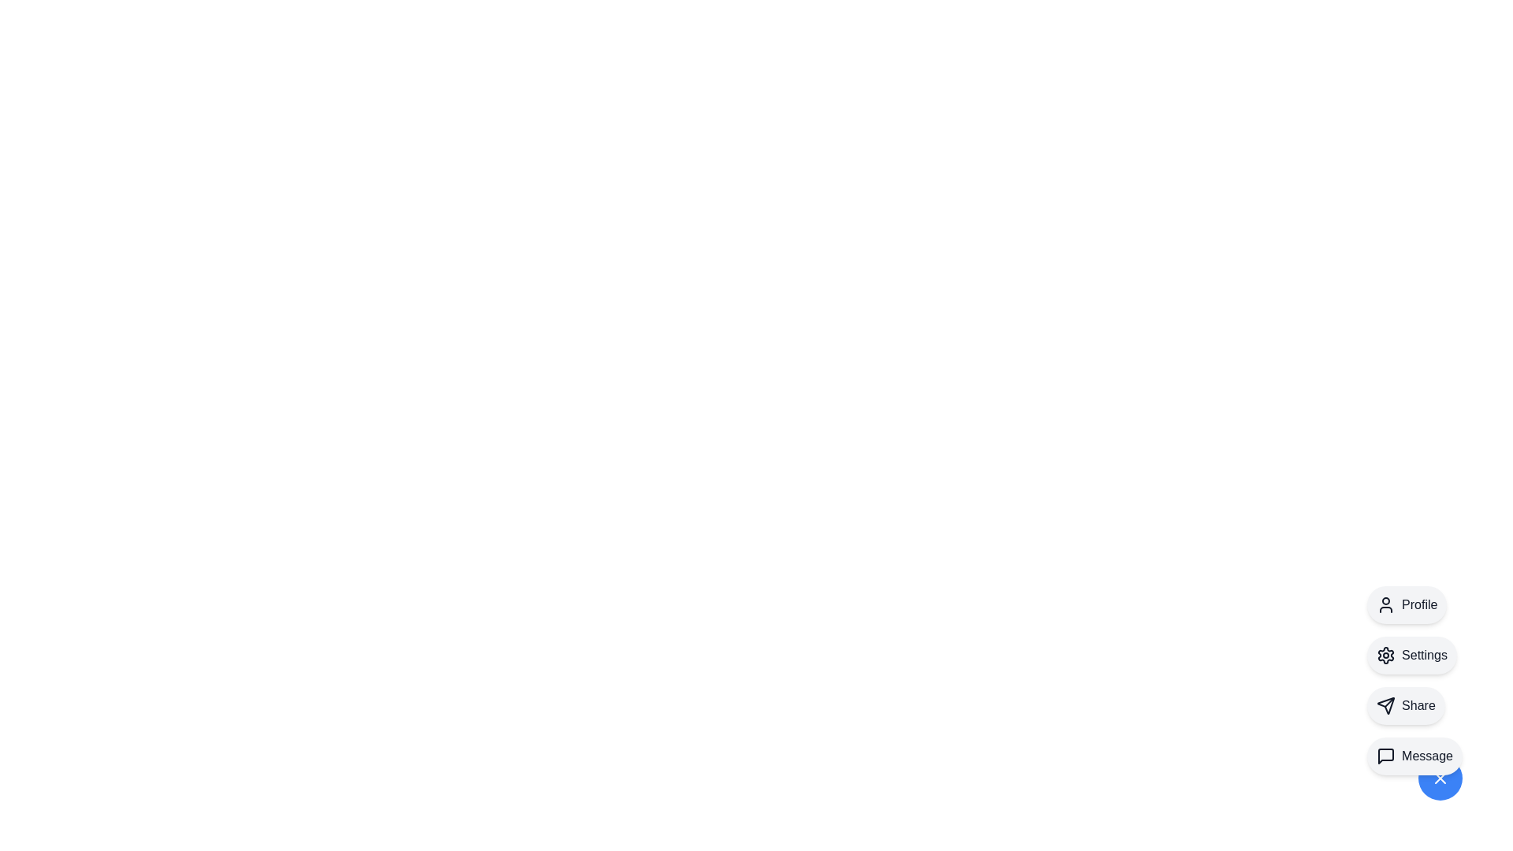 This screenshot has width=1513, height=851. What do you see at coordinates (1406, 704) in the screenshot?
I see `the Share option from the speed dial` at bounding box center [1406, 704].